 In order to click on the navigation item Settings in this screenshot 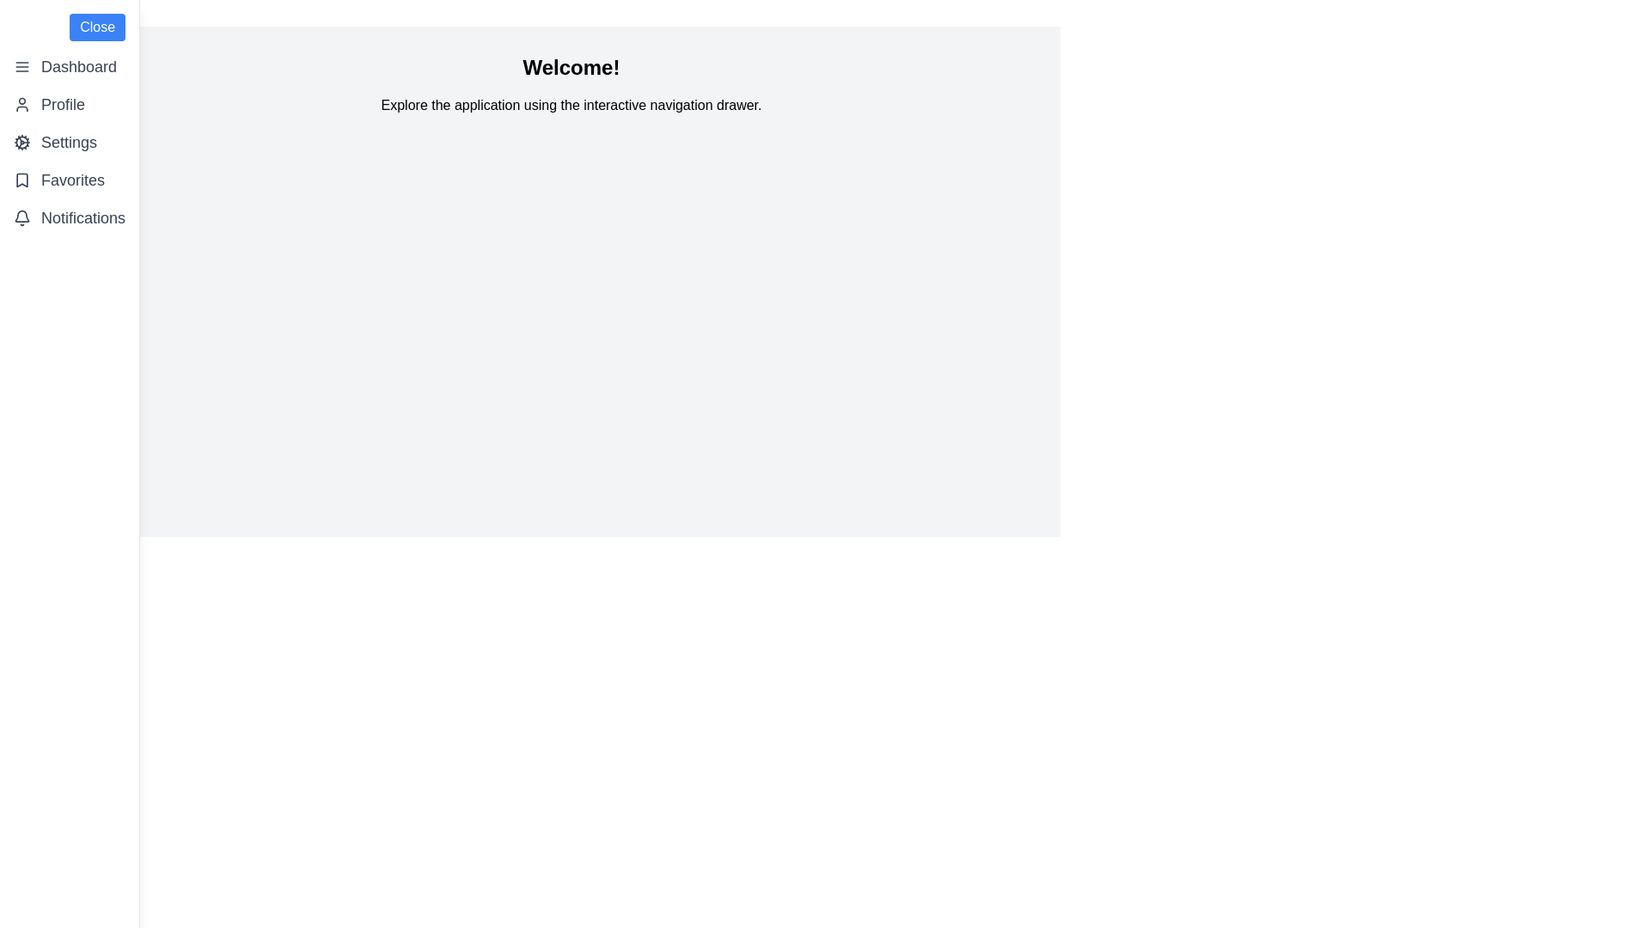, I will do `click(69, 141)`.